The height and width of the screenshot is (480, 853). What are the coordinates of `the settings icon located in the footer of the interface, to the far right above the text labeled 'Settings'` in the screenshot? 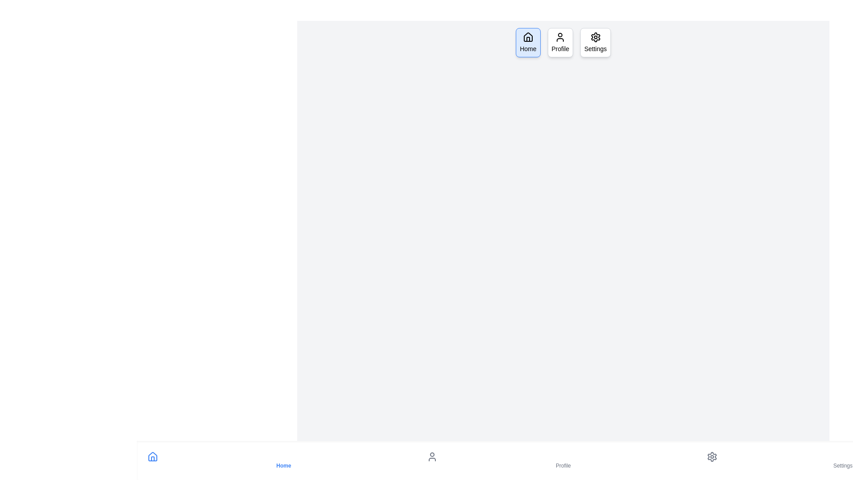 It's located at (712, 457).